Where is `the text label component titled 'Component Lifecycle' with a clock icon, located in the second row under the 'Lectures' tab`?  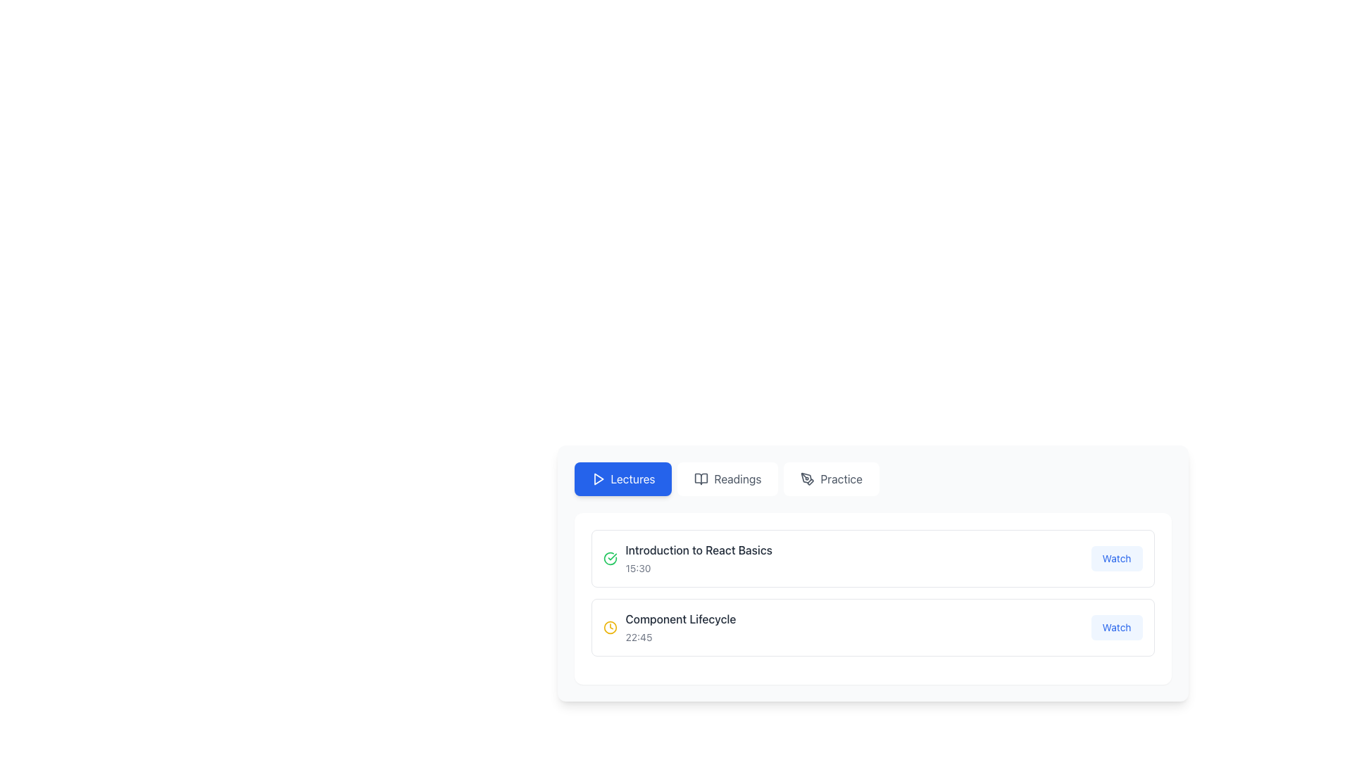 the text label component titled 'Component Lifecycle' with a clock icon, located in the second row under the 'Lectures' tab is located at coordinates (680, 626).